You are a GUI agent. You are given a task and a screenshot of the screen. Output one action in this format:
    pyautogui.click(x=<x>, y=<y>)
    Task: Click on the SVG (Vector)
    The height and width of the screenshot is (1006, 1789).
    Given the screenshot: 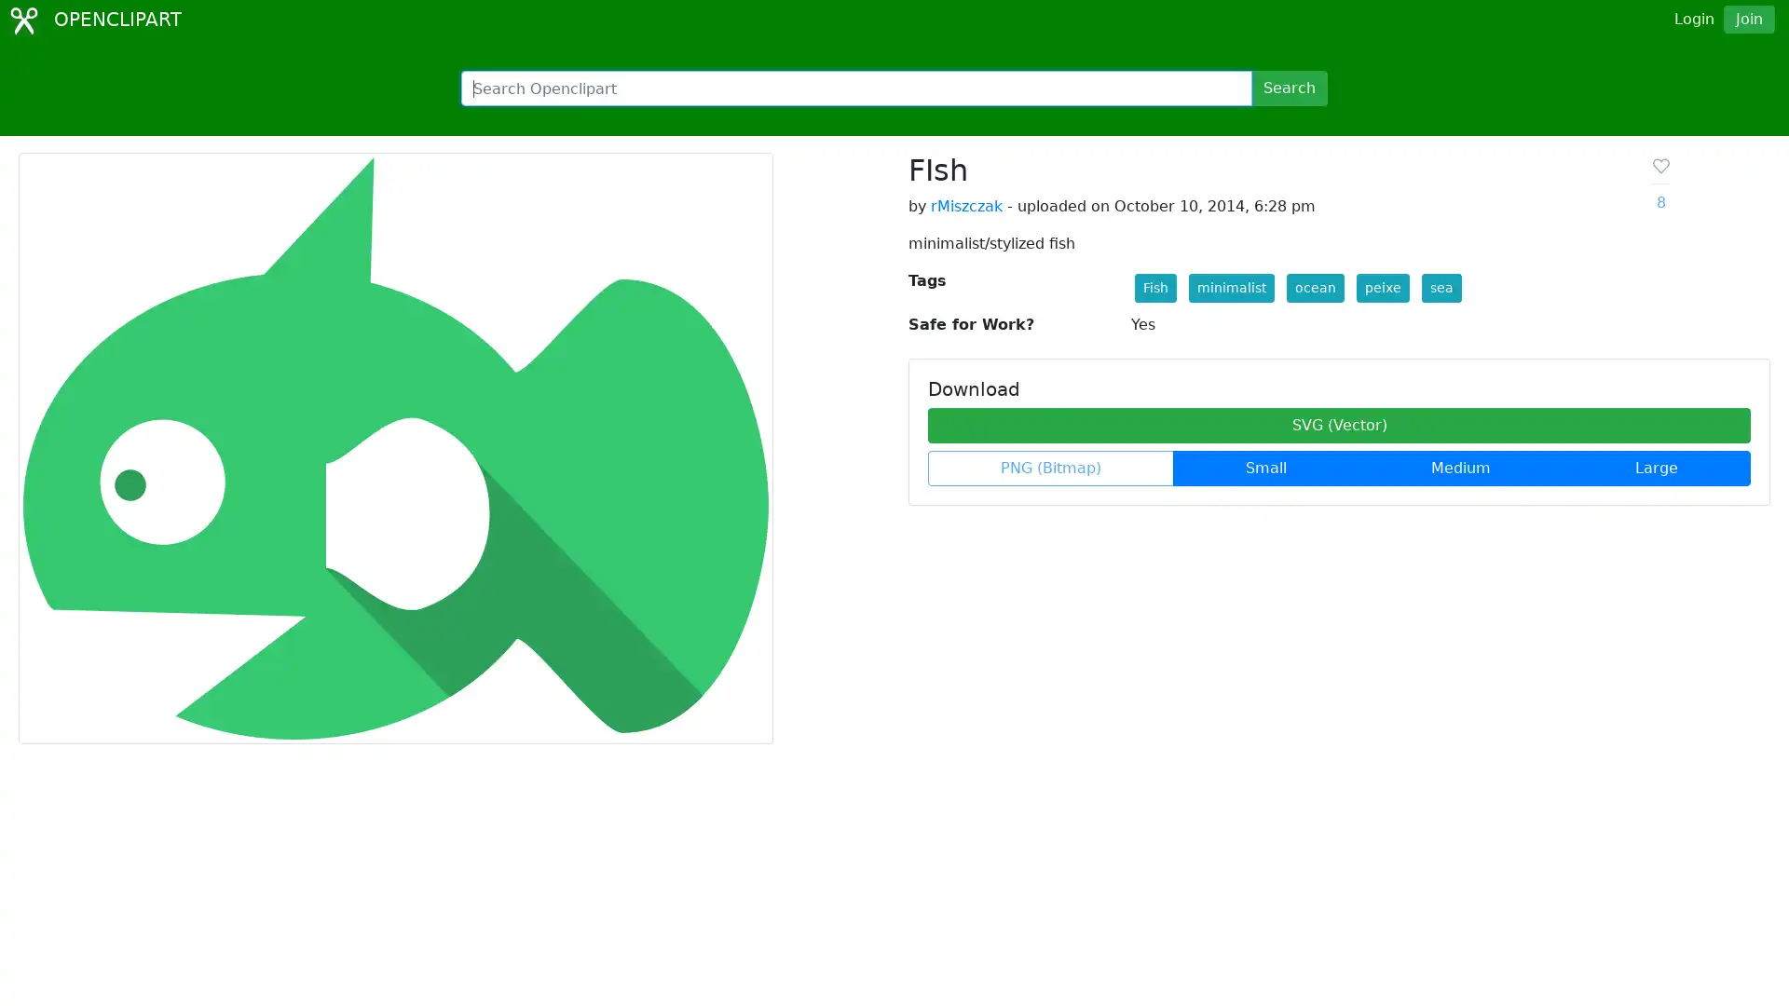 What is the action you would take?
    pyautogui.click(x=1338, y=425)
    